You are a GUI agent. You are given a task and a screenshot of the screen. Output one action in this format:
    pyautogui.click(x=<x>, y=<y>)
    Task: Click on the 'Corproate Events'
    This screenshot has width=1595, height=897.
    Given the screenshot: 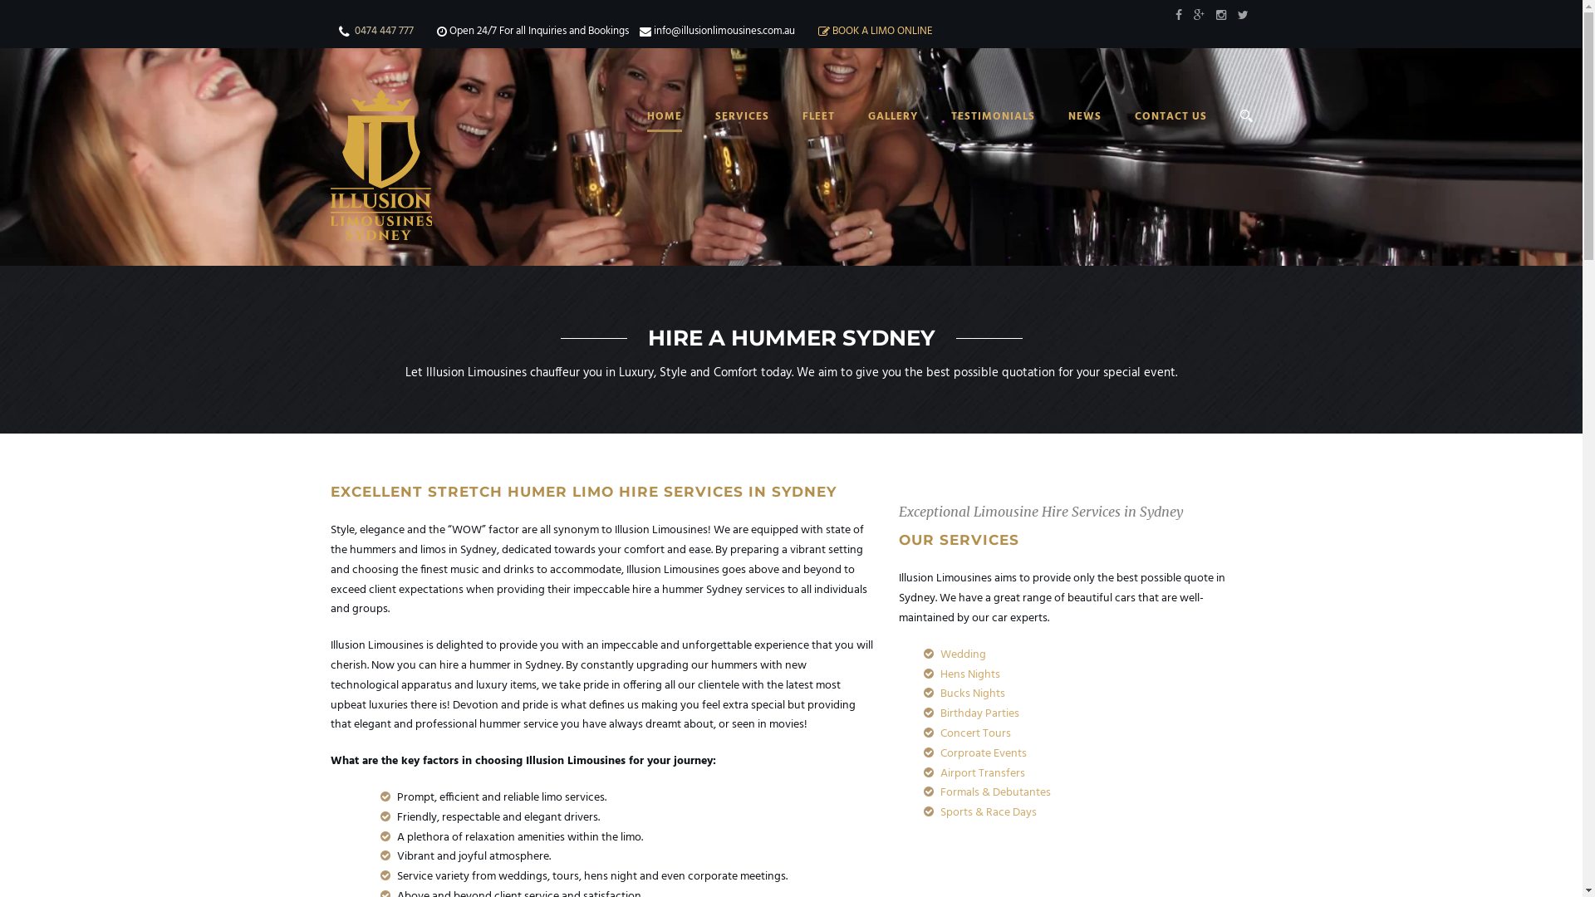 What is the action you would take?
    pyautogui.click(x=984, y=753)
    